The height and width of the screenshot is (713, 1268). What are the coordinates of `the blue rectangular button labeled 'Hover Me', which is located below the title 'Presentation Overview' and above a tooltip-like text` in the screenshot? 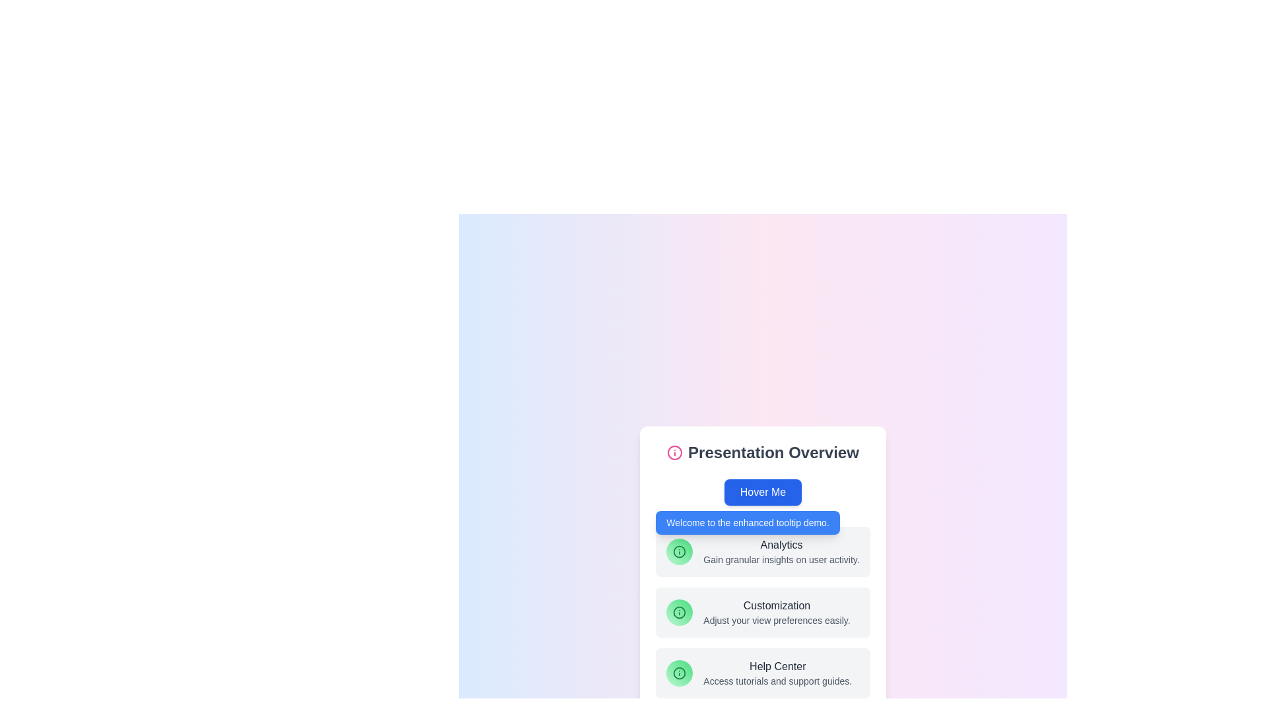 It's located at (763, 492).